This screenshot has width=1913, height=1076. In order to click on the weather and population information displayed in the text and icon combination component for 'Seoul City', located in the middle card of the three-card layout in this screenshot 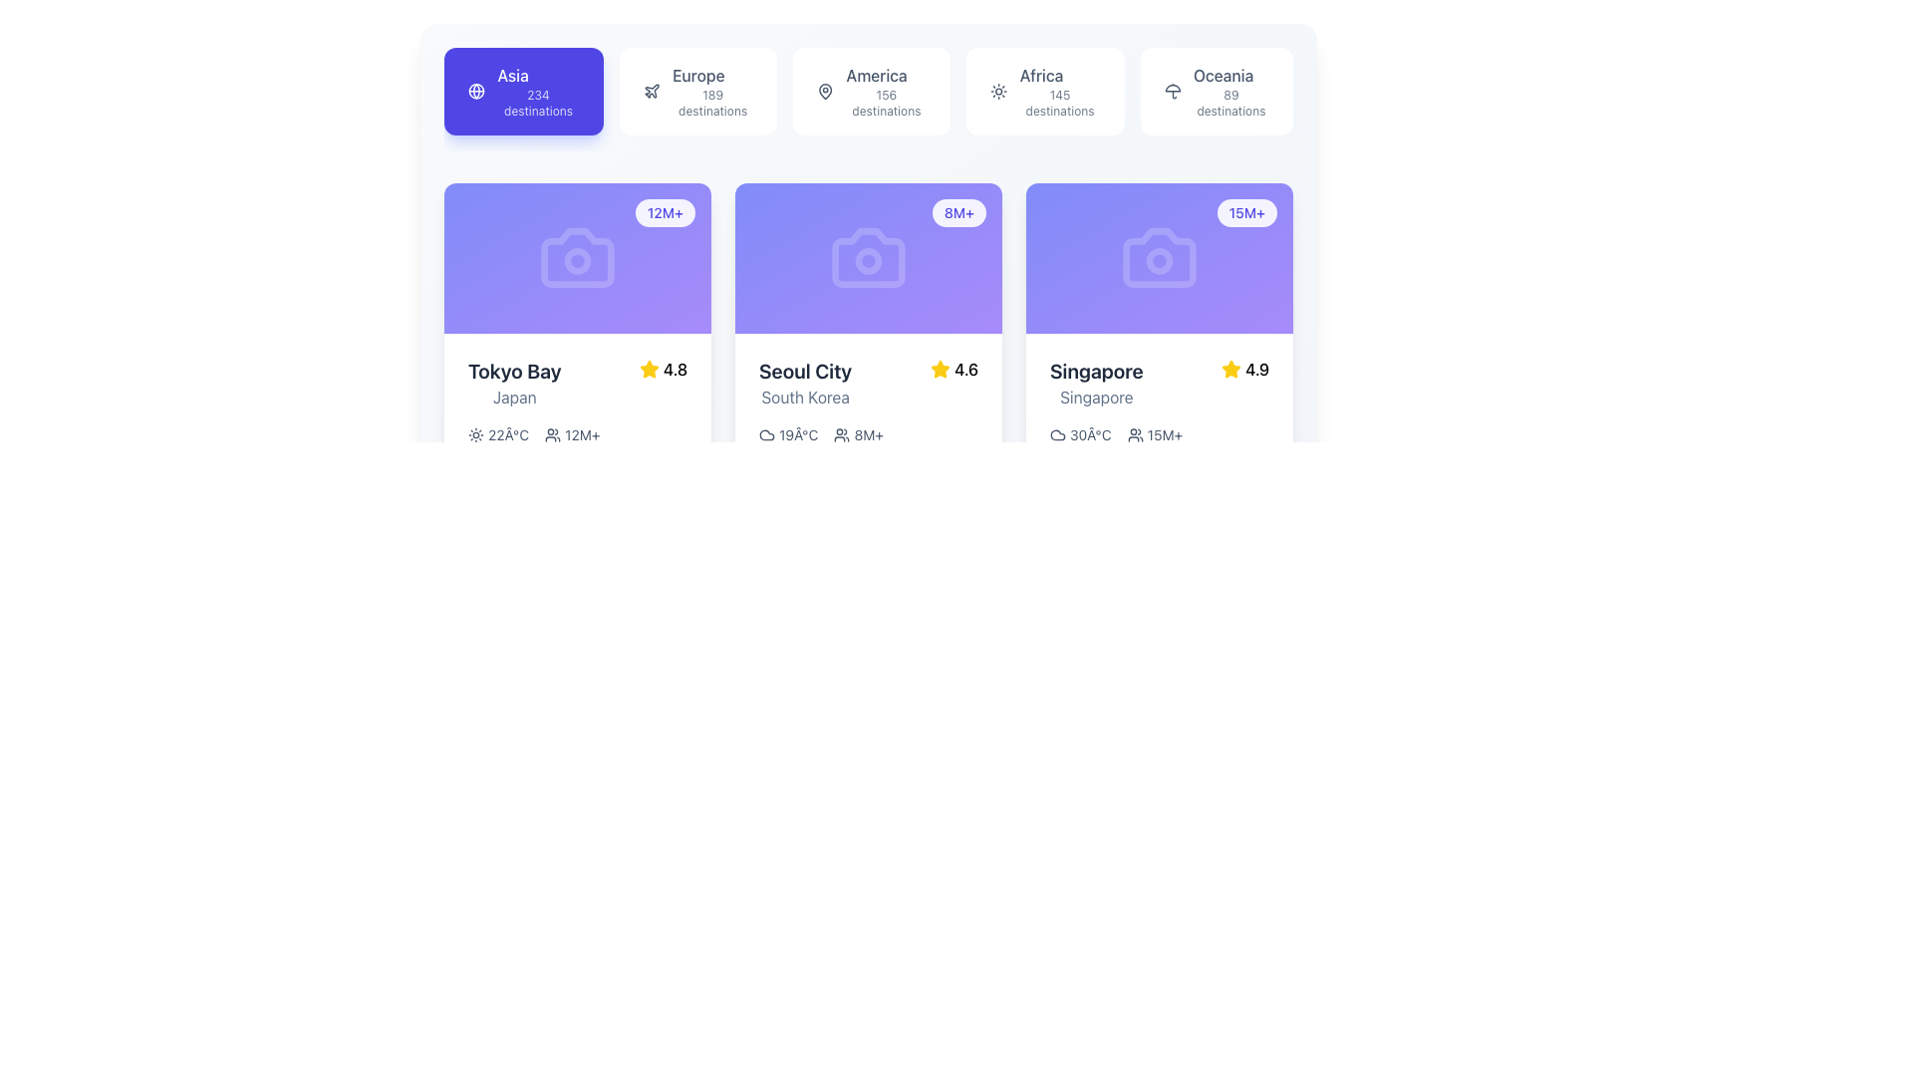, I will do `click(869, 432)`.